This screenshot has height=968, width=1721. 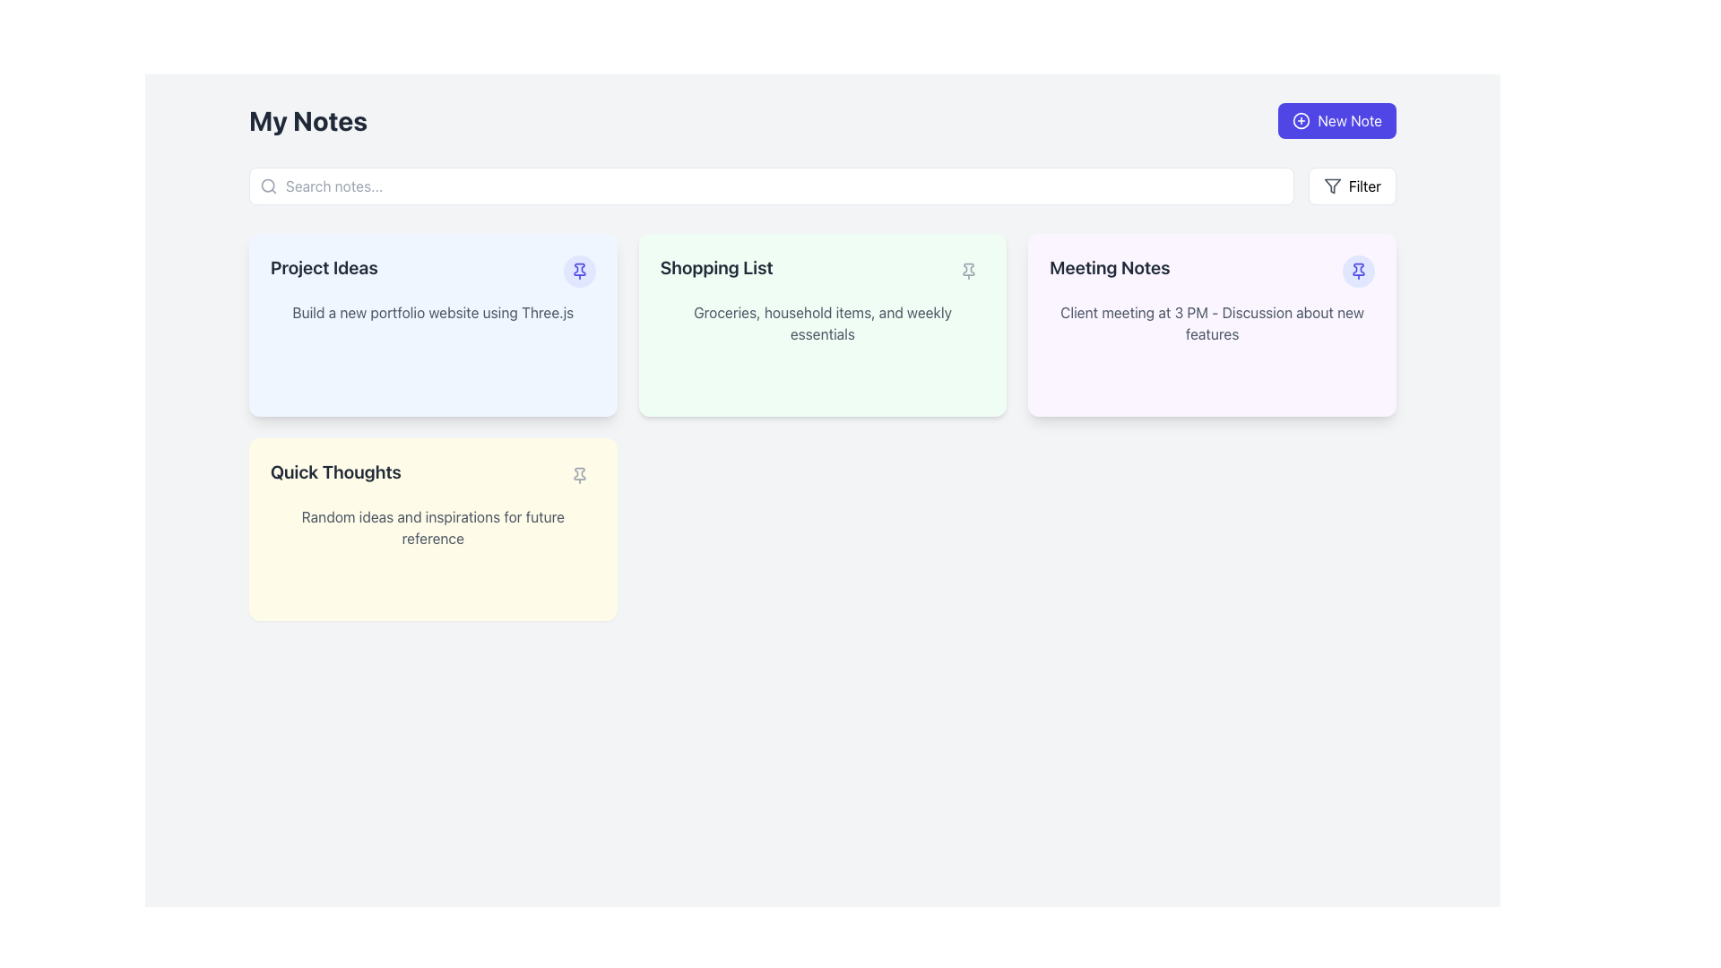 What do you see at coordinates (1359, 269) in the screenshot?
I see `the pin icon located in the top-right corner of the 'Meeting Notes' card` at bounding box center [1359, 269].